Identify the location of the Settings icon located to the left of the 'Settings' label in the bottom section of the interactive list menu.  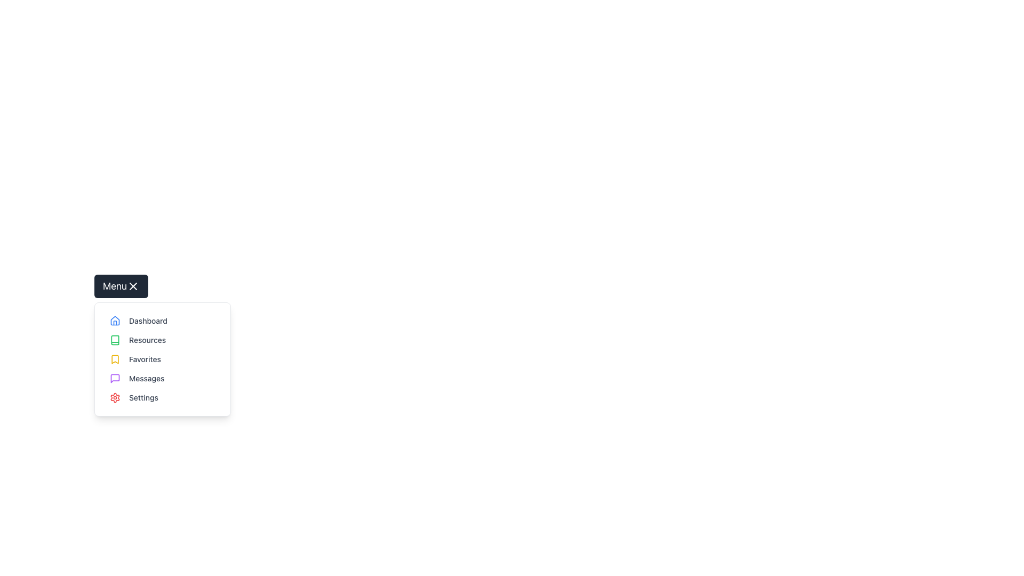
(115, 397).